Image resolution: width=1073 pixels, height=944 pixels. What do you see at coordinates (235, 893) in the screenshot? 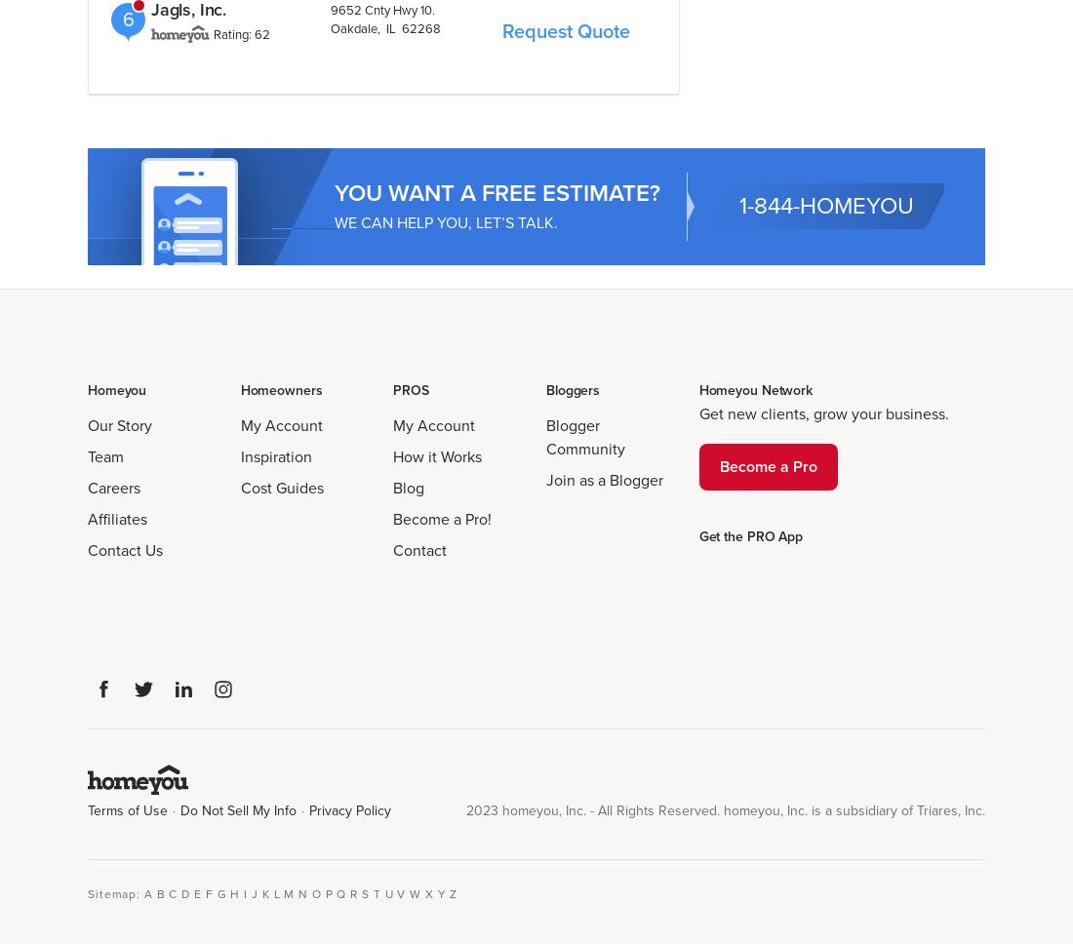
I see `'H'` at bounding box center [235, 893].